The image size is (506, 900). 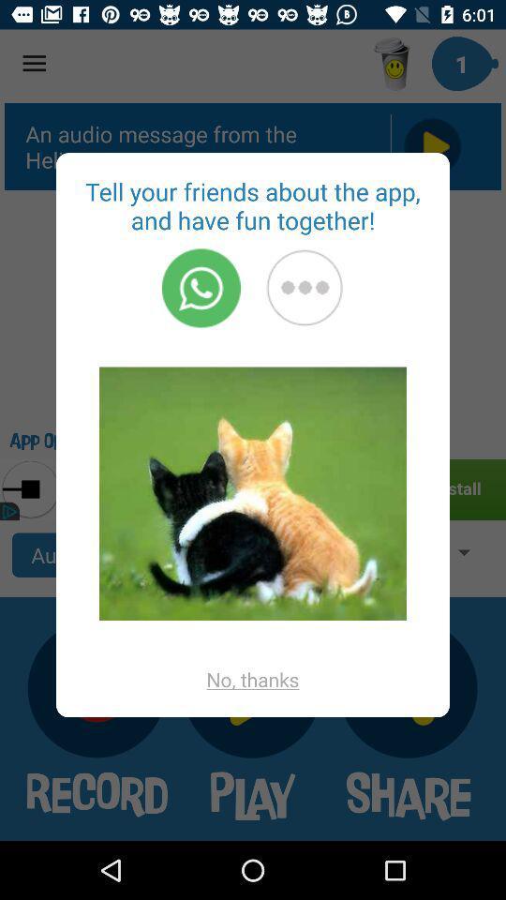 What do you see at coordinates (253, 678) in the screenshot?
I see `no, thanks app` at bounding box center [253, 678].